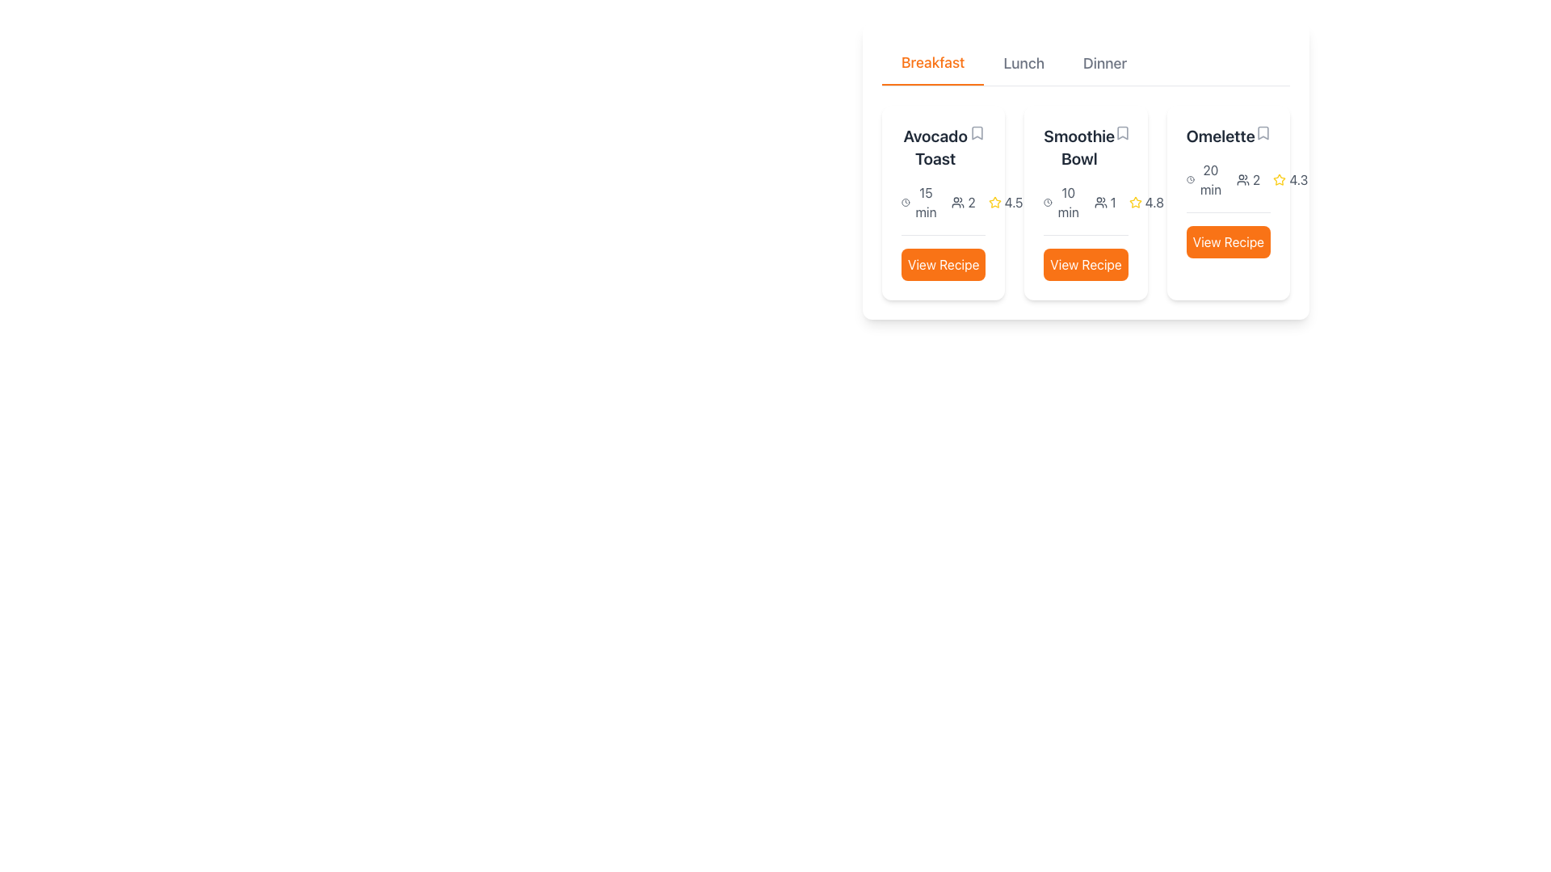 The image size is (1551, 872). What do you see at coordinates (1247, 180) in the screenshot?
I see `the text displaying the number '2' adjacent to the user icon, located in the middle section of the 'Omelette' card` at bounding box center [1247, 180].